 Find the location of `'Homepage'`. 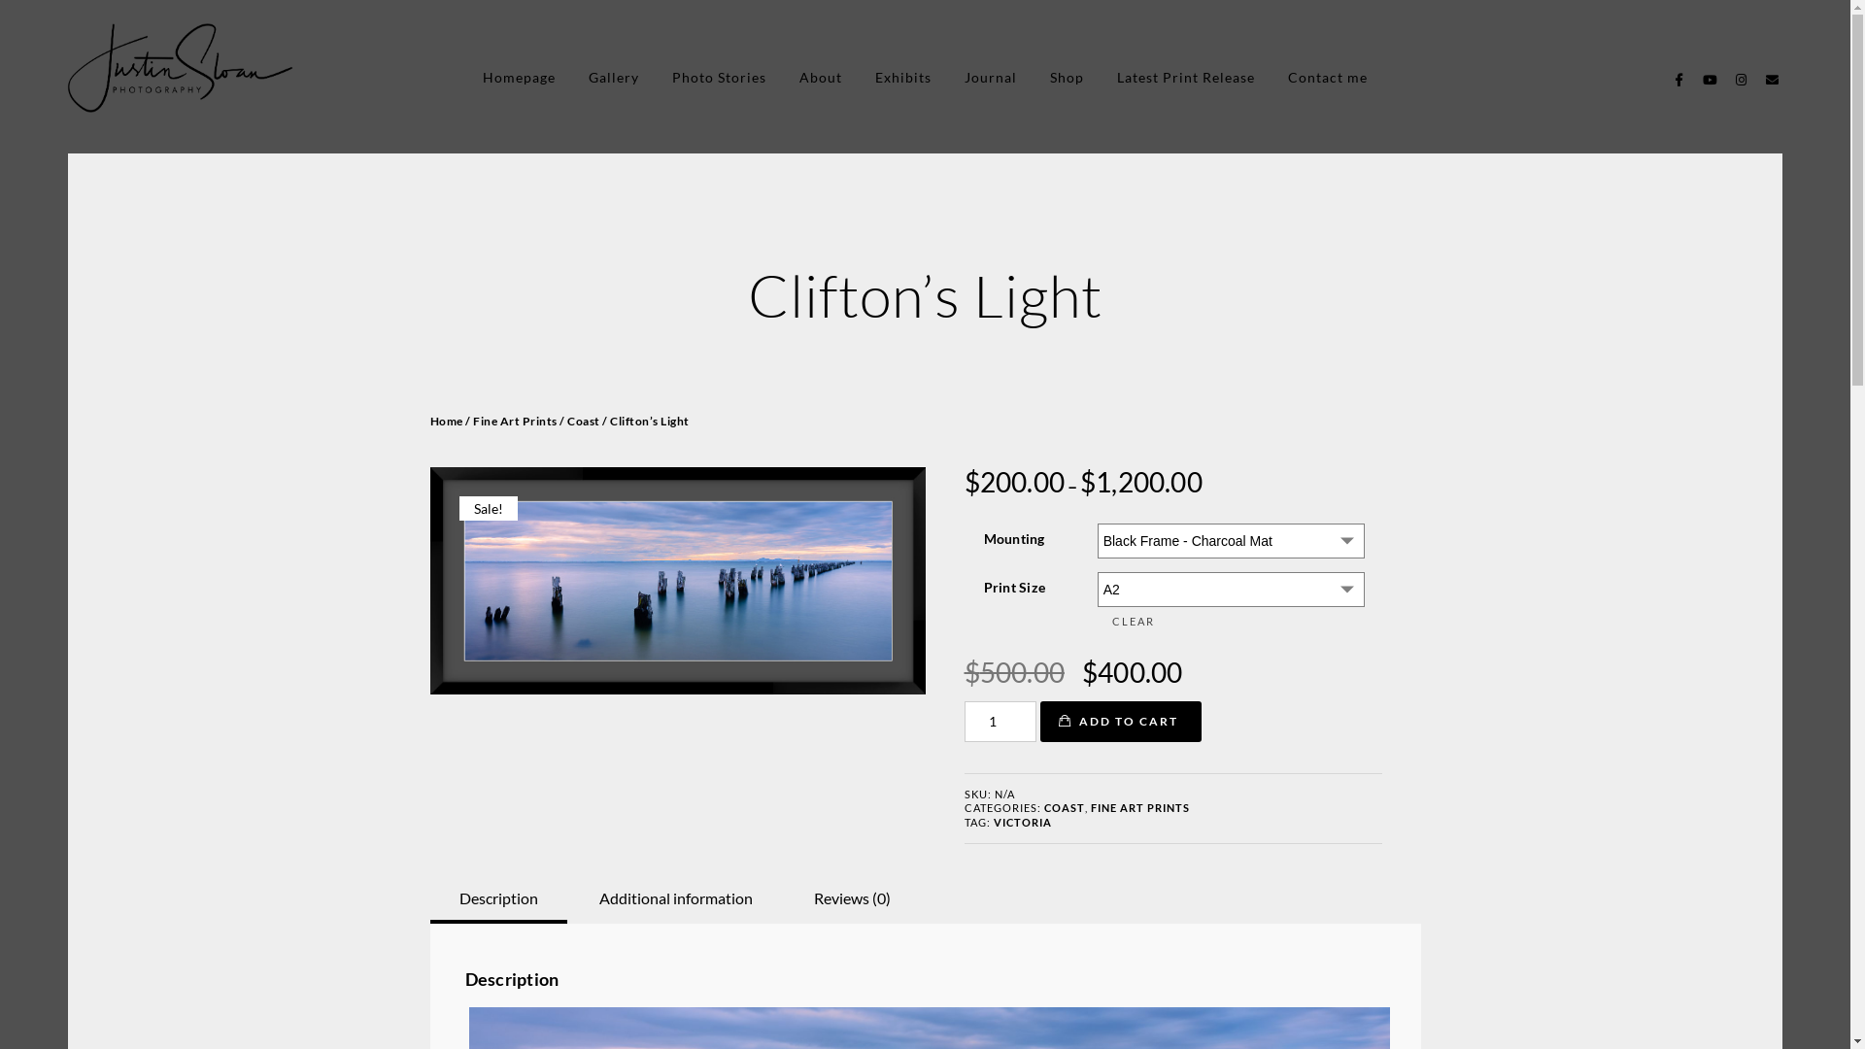

'Homepage' is located at coordinates (519, 76).